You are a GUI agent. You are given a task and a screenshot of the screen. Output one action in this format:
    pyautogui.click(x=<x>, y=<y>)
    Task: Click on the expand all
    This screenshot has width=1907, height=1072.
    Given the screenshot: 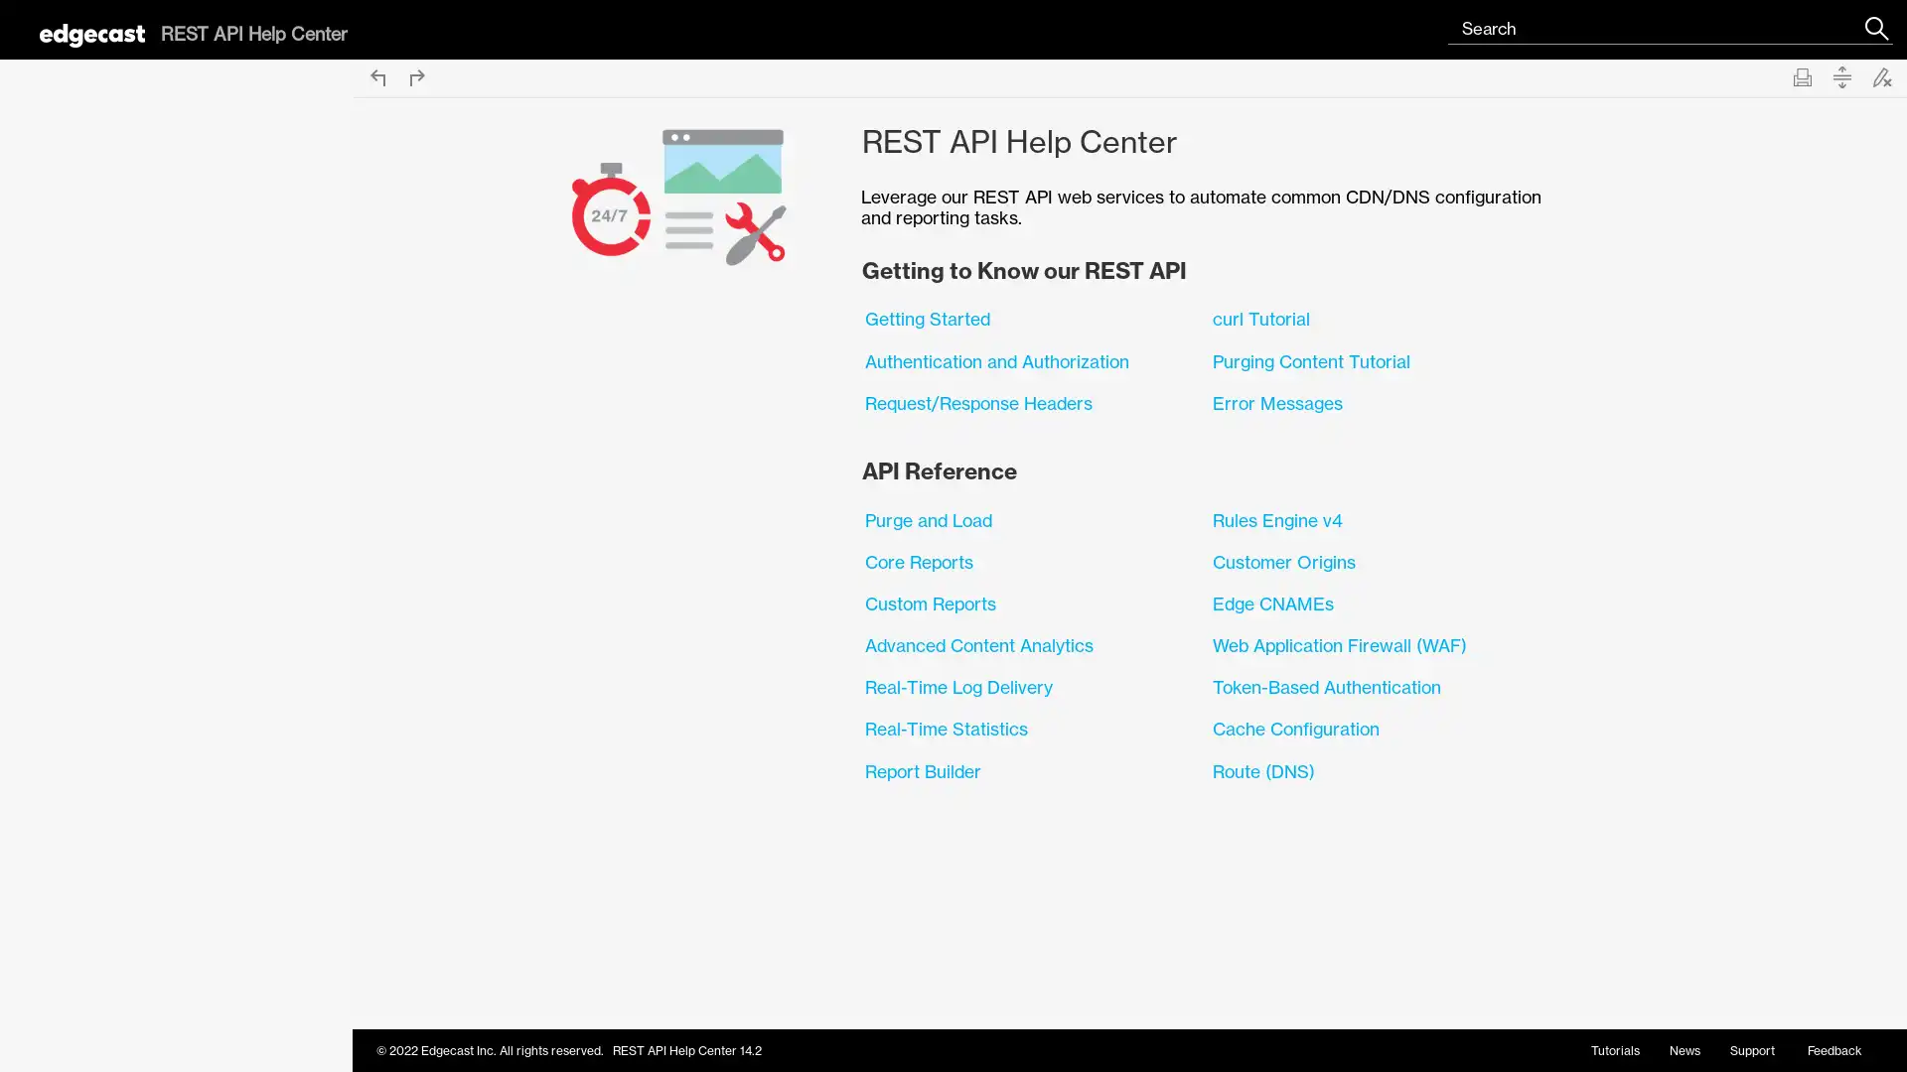 What is the action you would take?
    pyautogui.click(x=1840, y=75)
    